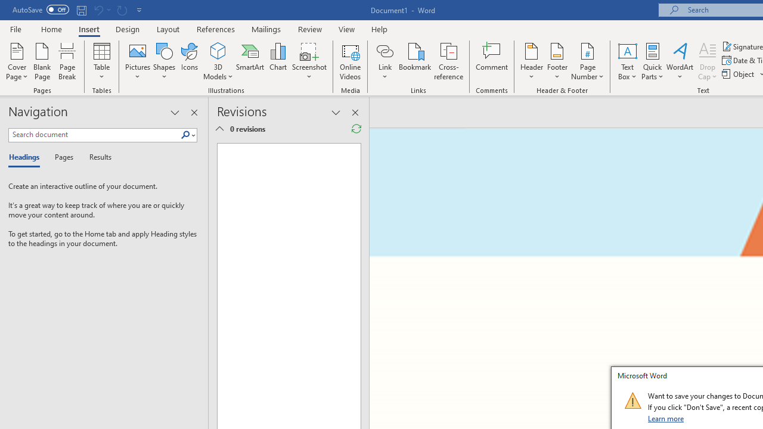  I want to click on 'Comment', so click(492, 61).